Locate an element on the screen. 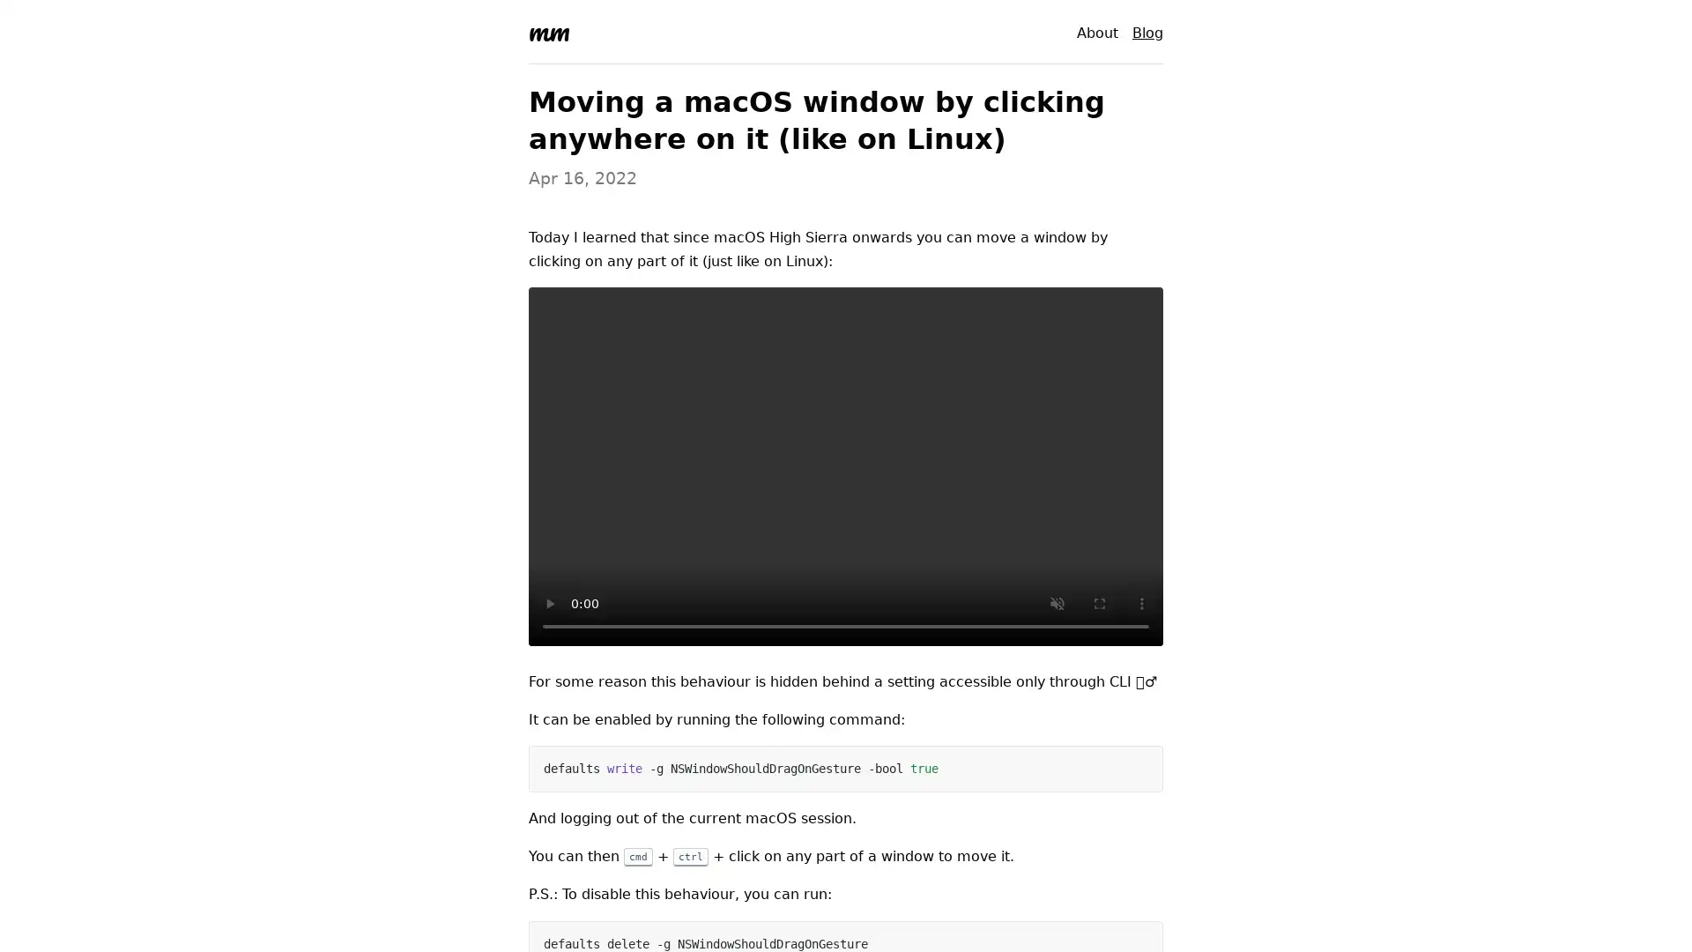 This screenshot has width=1692, height=952. enter full screen is located at coordinates (1099, 603).